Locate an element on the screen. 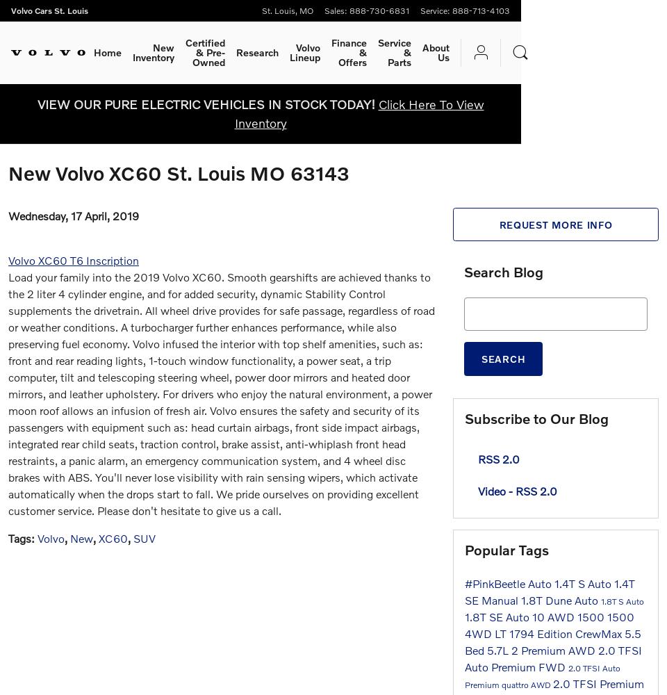  'Home' is located at coordinates (107, 51).